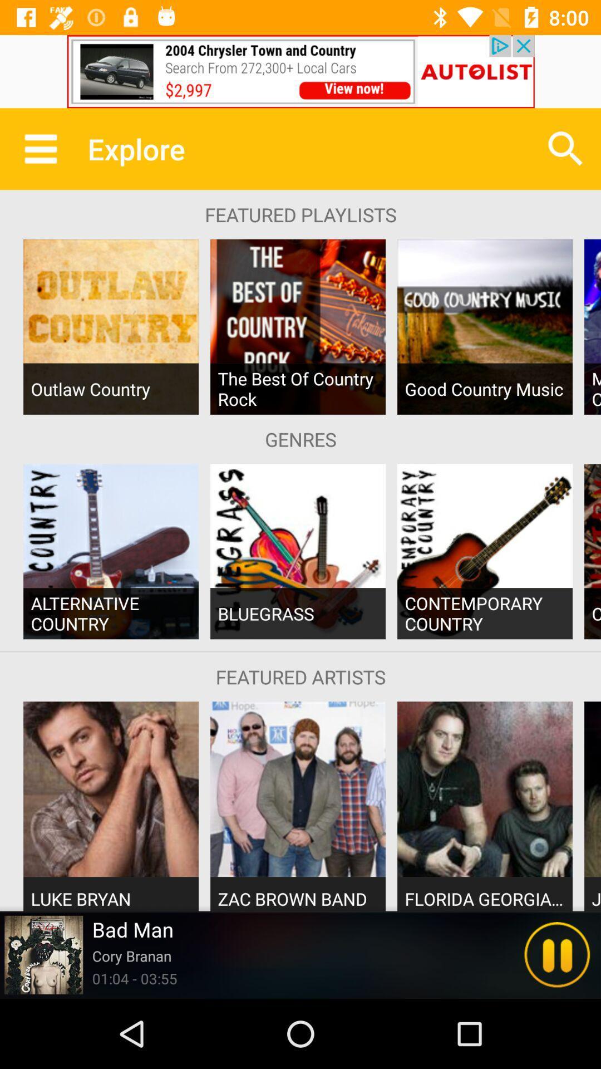 The height and width of the screenshot is (1069, 601). What do you see at coordinates (557, 954) in the screenshot?
I see `the pause icon` at bounding box center [557, 954].